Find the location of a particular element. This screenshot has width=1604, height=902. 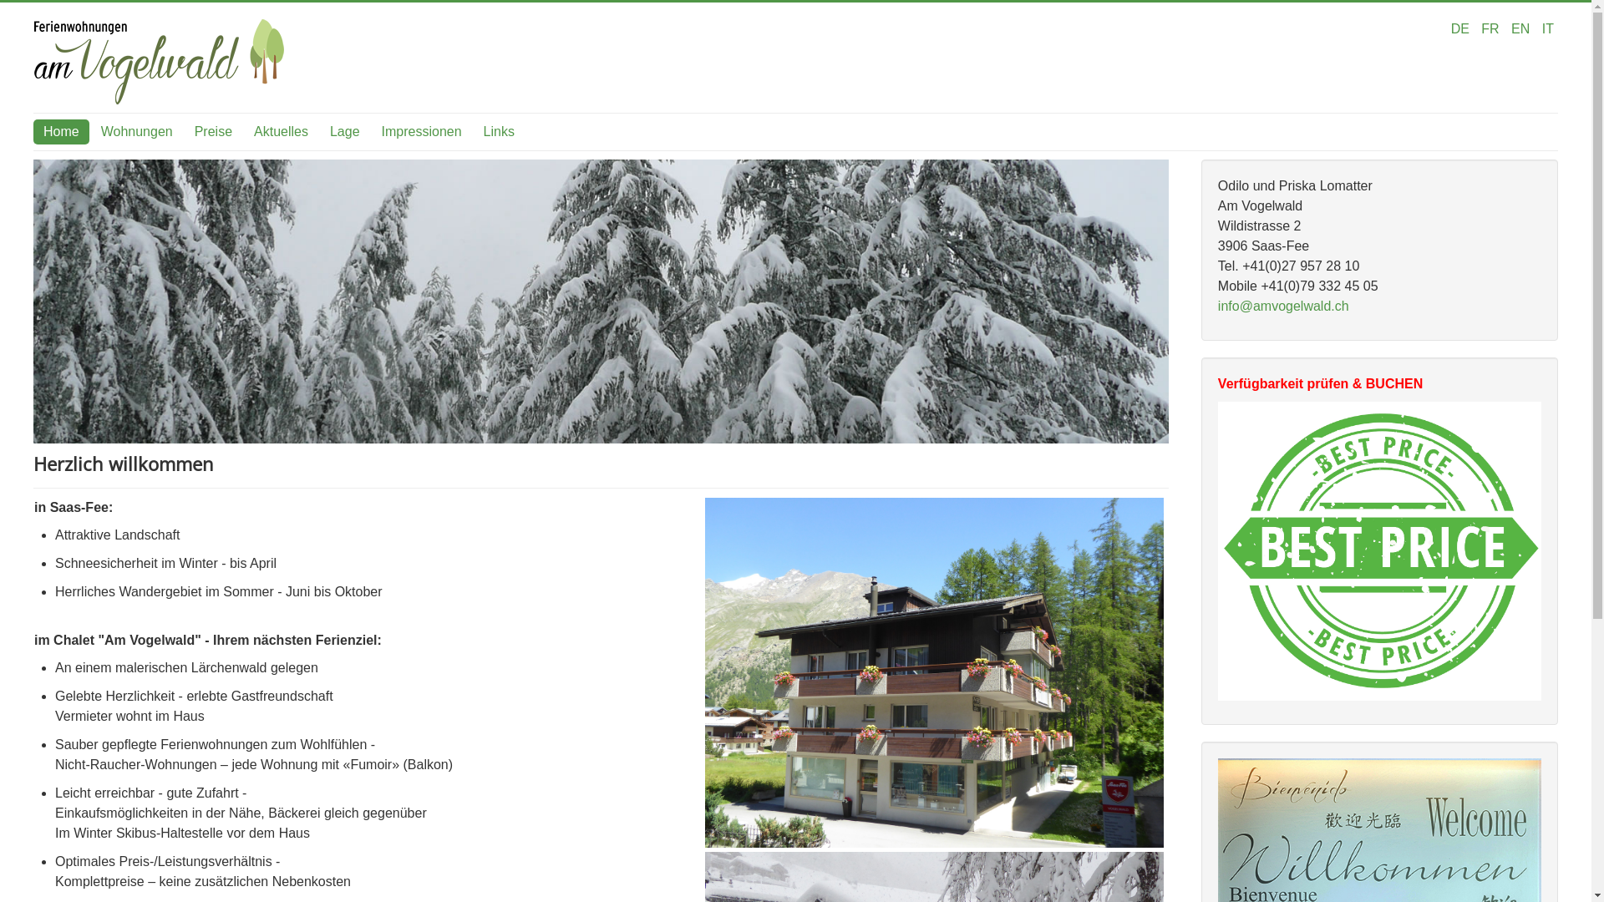

'DE' is located at coordinates (1461, 28).